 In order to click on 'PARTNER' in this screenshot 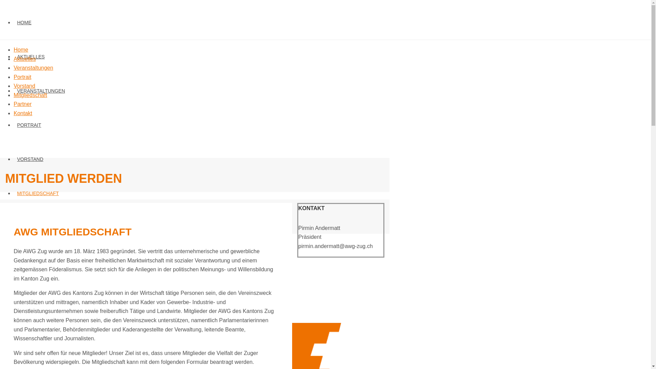, I will do `click(13, 228)`.